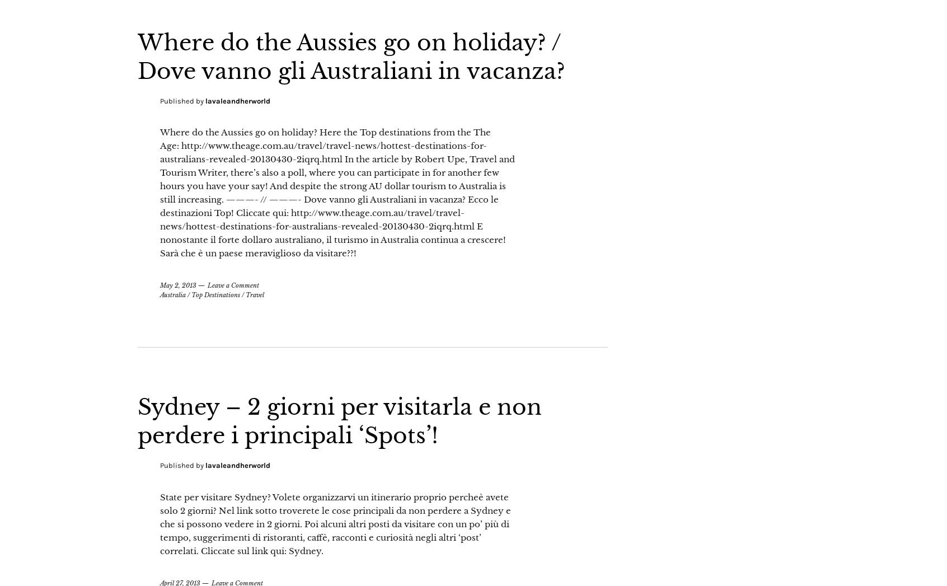 This screenshot has width=947, height=586. What do you see at coordinates (159, 322) in the screenshot?
I see `'Australia'` at bounding box center [159, 322].